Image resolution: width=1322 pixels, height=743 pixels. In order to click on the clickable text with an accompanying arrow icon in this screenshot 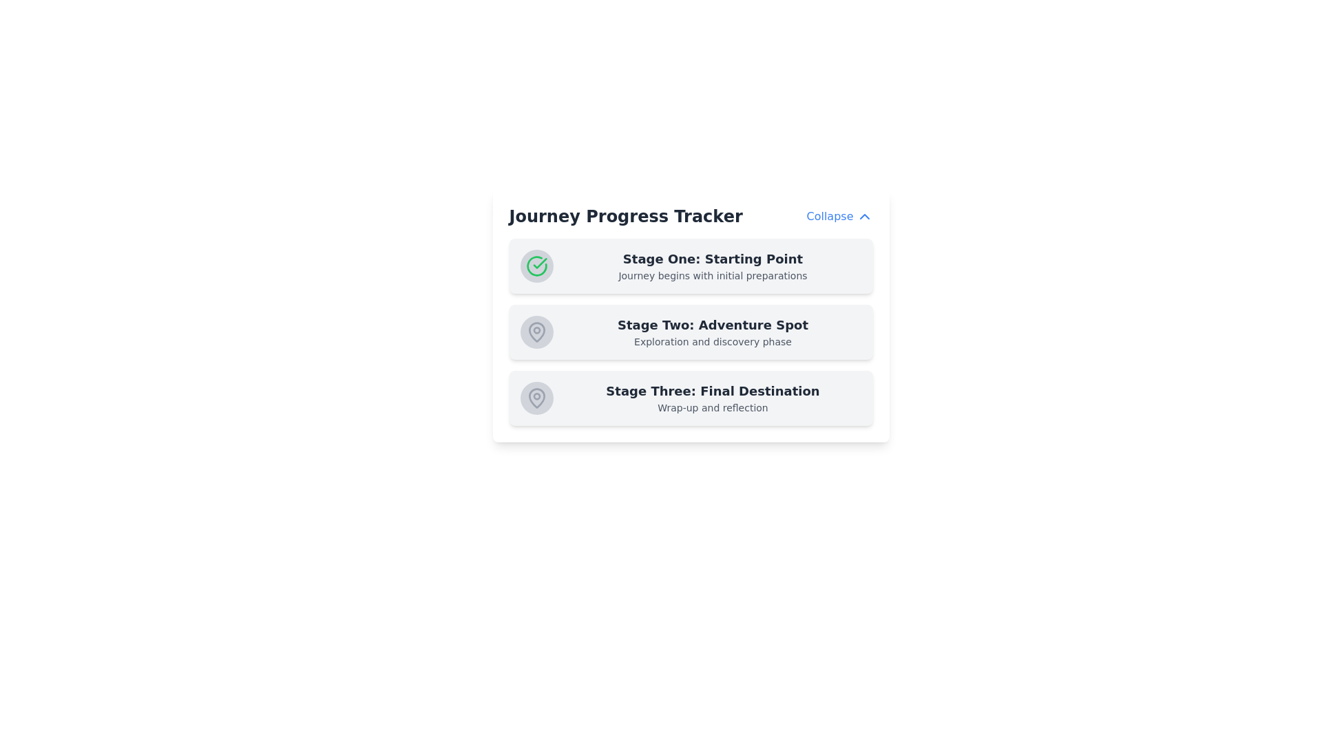, I will do `click(839, 217)`.